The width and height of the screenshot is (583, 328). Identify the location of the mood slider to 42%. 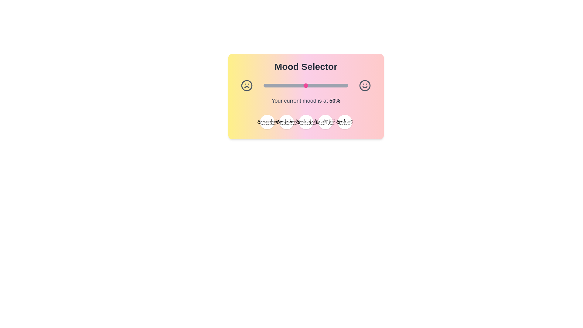
(299, 85).